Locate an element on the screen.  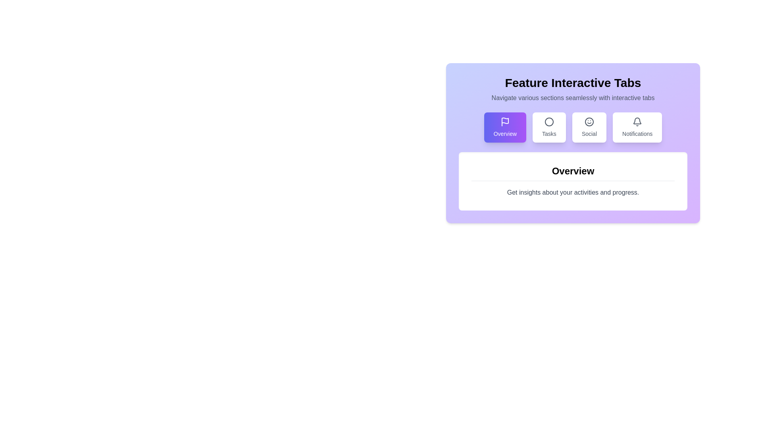
the static text label that serves as the description for the button activating the 'Overview' section, located at the top-left corner of the interactive tabs section, beneath a flag icon is located at coordinates (504, 133).